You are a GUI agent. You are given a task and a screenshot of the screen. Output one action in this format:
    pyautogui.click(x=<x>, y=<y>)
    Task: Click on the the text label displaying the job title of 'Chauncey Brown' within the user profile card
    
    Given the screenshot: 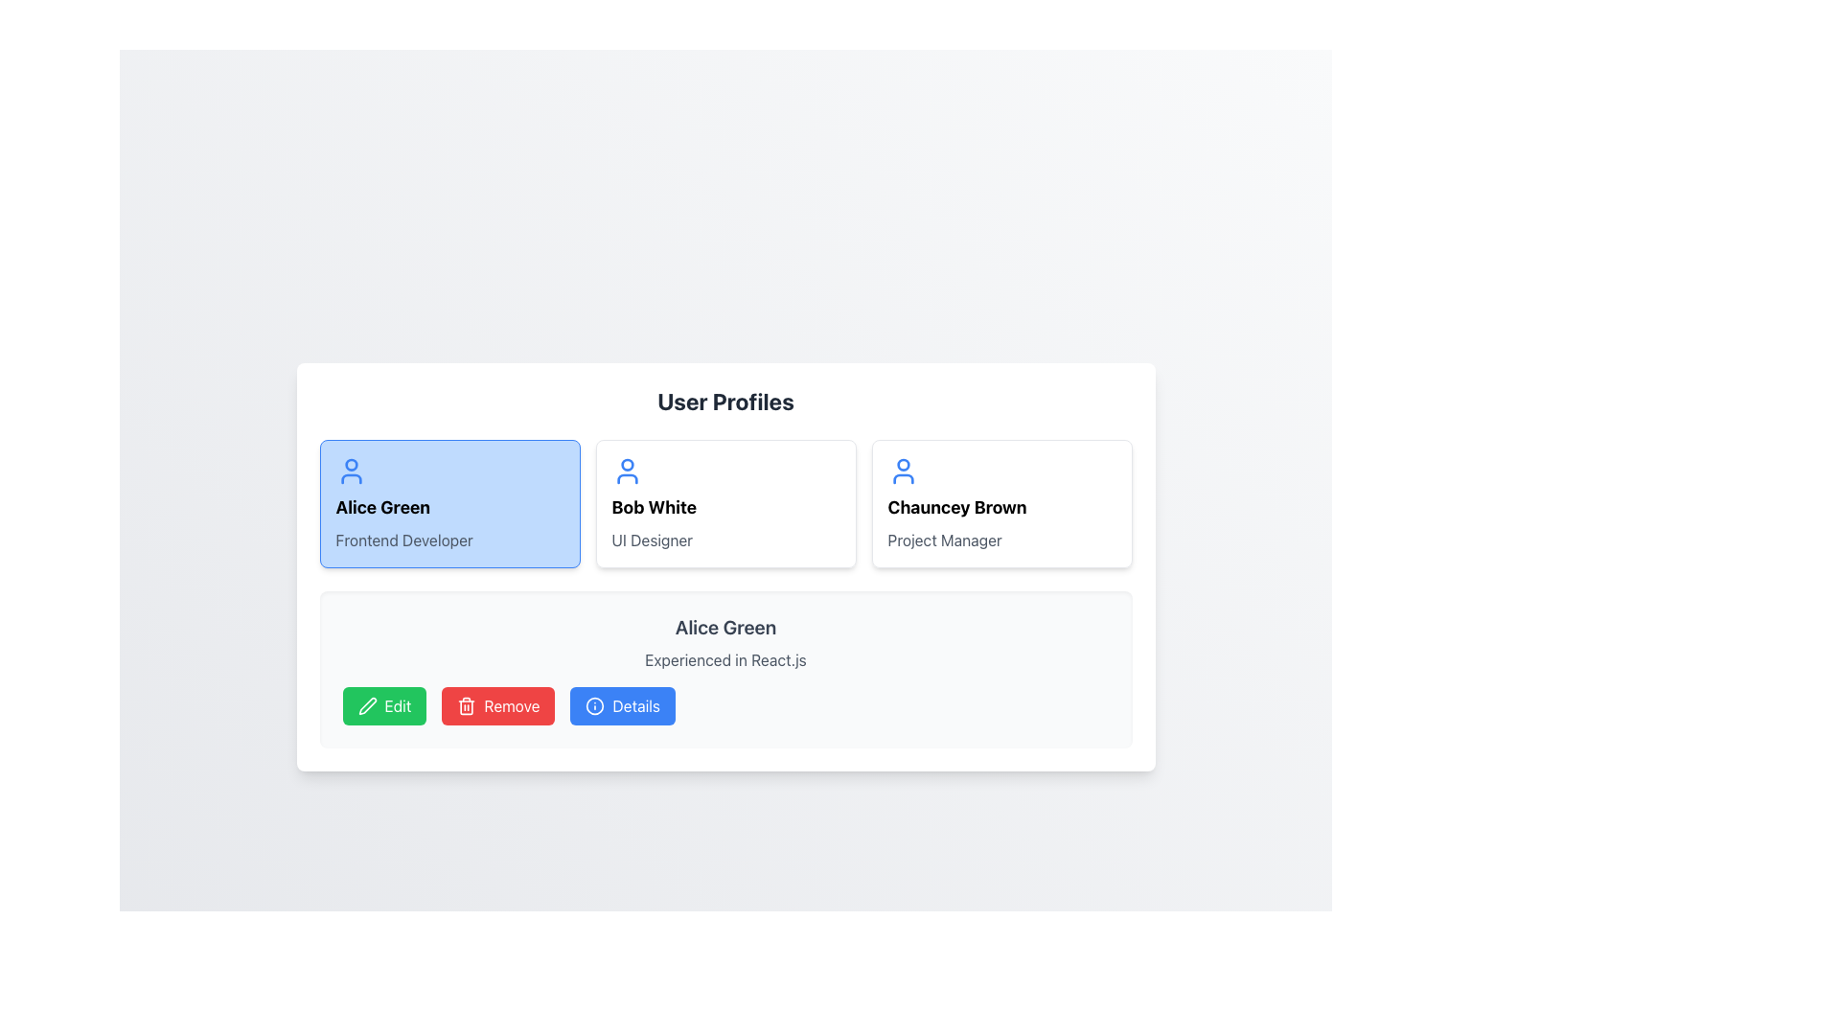 What is the action you would take?
    pyautogui.click(x=945, y=540)
    